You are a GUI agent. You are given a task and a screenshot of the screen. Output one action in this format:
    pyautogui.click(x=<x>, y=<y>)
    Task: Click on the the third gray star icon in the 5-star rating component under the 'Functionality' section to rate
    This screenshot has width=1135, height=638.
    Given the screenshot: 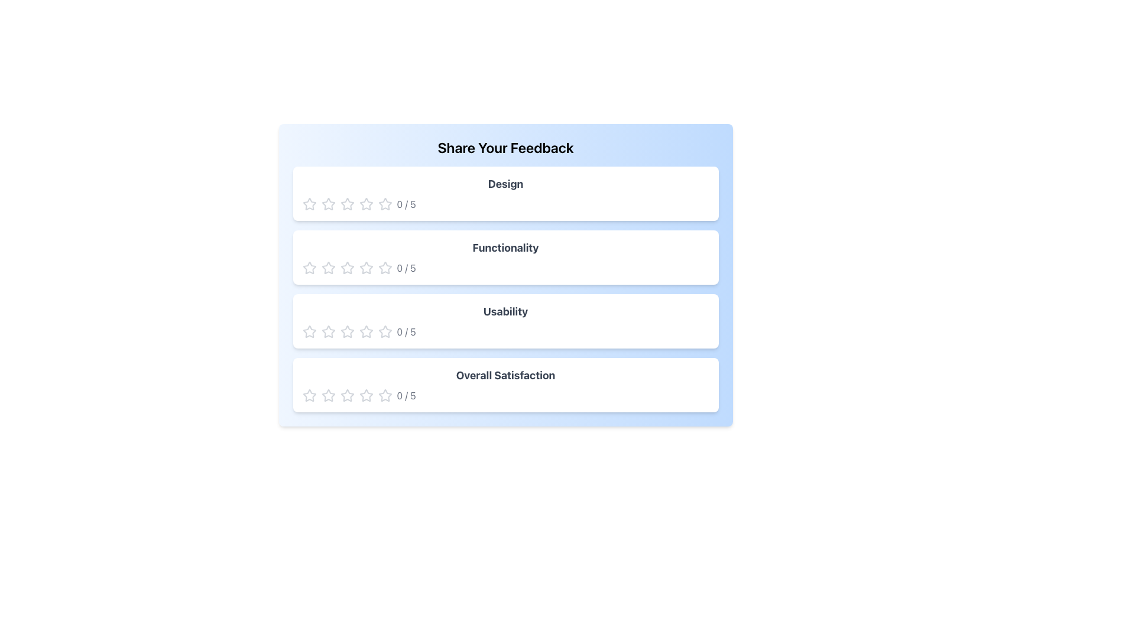 What is the action you would take?
    pyautogui.click(x=346, y=268)
    